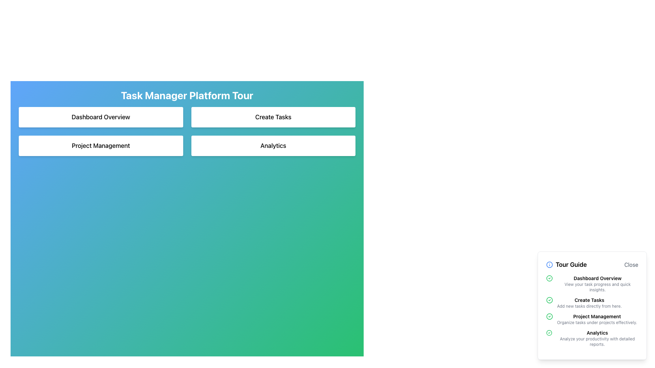  What do you see at coordinates (550, 317) in the screenshot?
I see `the circular icon with a green outline and a checkmark in its center located in the 'Tour Guide' section adjacent to the text 'Project Management'` at bounding box center [550, 317].